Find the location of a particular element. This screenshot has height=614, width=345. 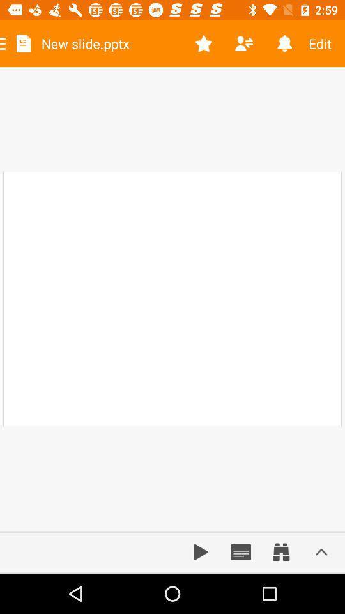

the date_range icon is located at coordinates (281, 551).